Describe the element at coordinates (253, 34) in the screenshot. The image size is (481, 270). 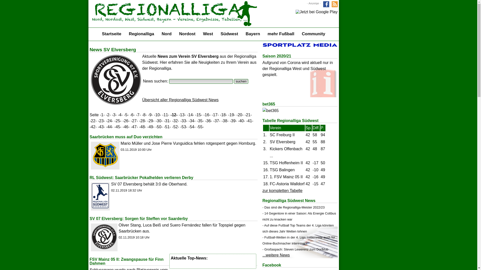
I see `'Bayern'` at that location.